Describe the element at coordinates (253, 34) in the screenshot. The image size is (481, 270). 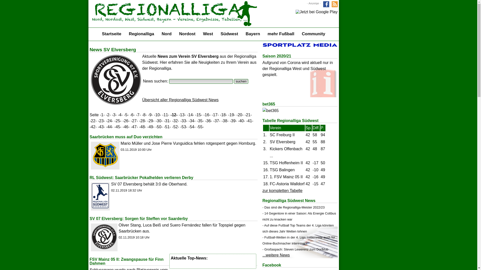
I see `'Bayern'` at that location.